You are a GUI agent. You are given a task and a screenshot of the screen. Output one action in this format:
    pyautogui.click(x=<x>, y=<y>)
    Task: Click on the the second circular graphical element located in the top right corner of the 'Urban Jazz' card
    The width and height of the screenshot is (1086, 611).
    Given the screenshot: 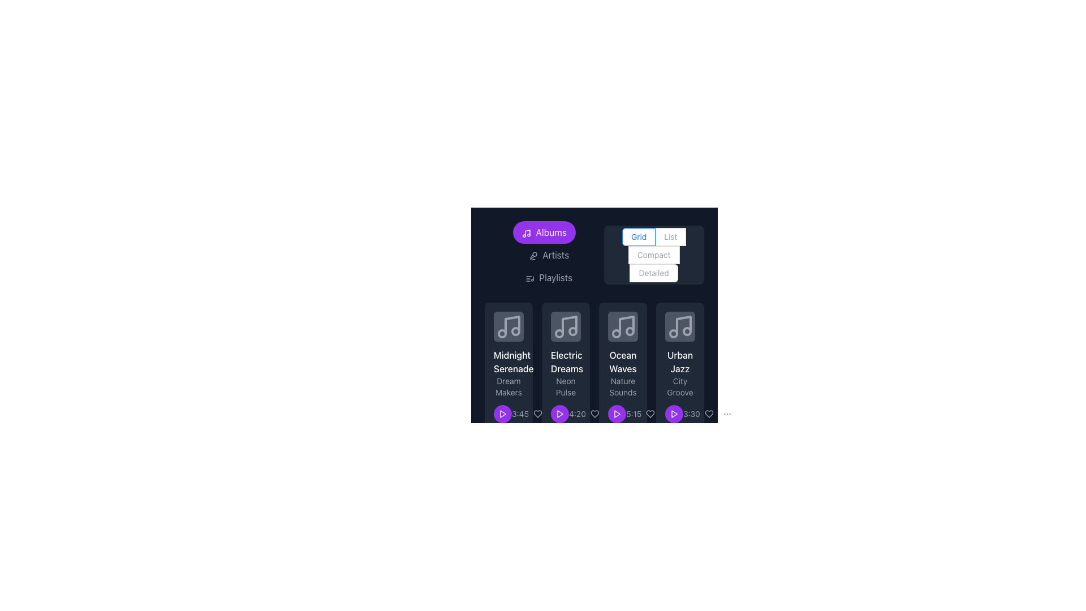 What is the action you would take?
    pyautogui.click(x=673, y=333)
    